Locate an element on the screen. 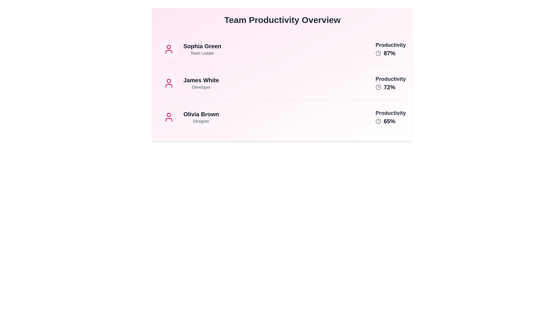 Image resolution: width=559 pixels, height=314 pixels. the visual indicator representing user Olivia Brown, which is located on the far left of the row preceding the text 'Olivia Brown Designer' is located at coordinates (169, 117).